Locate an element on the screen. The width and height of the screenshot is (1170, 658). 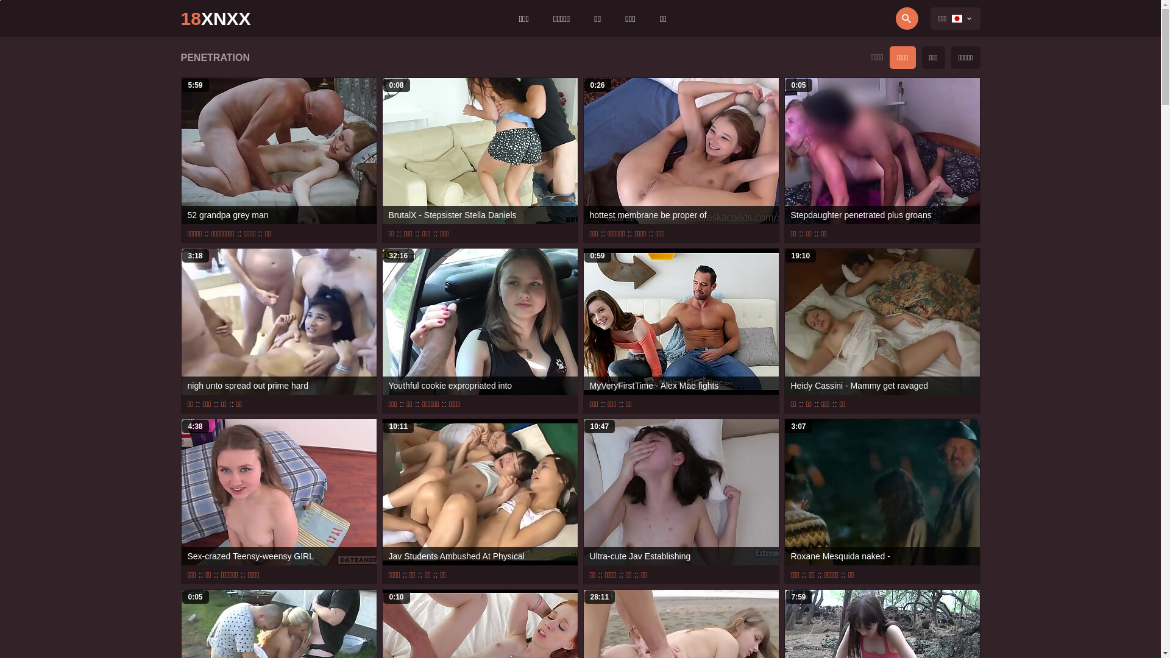
'Search' is located at coordinates (860, 18).